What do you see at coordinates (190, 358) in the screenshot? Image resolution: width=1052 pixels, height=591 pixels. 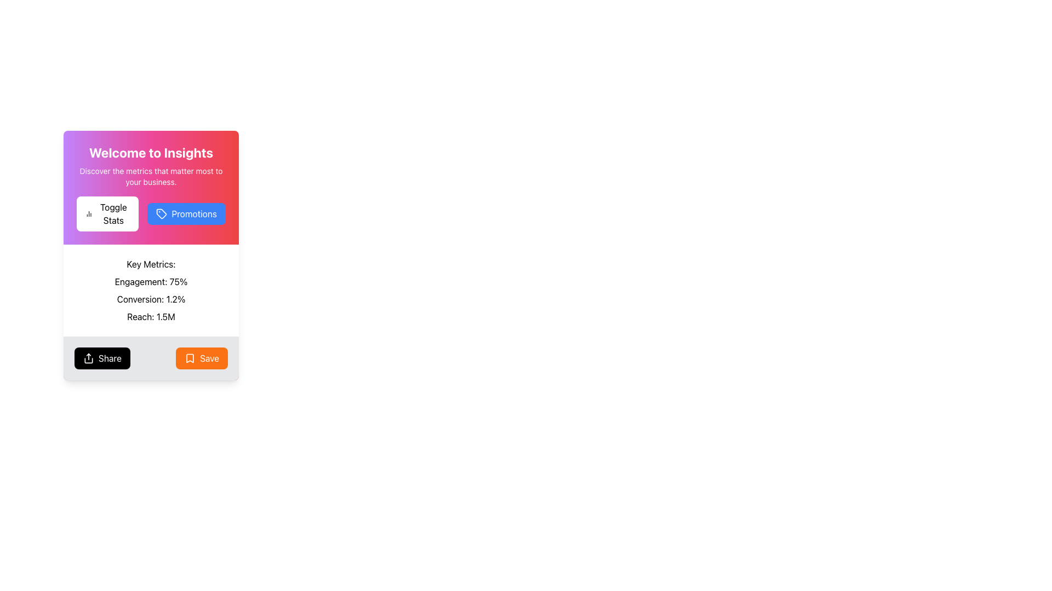 I see `the bookmark icon located within the 'Save' button at the bottom-right corner of the card interface` at bounding box center [190, 358].